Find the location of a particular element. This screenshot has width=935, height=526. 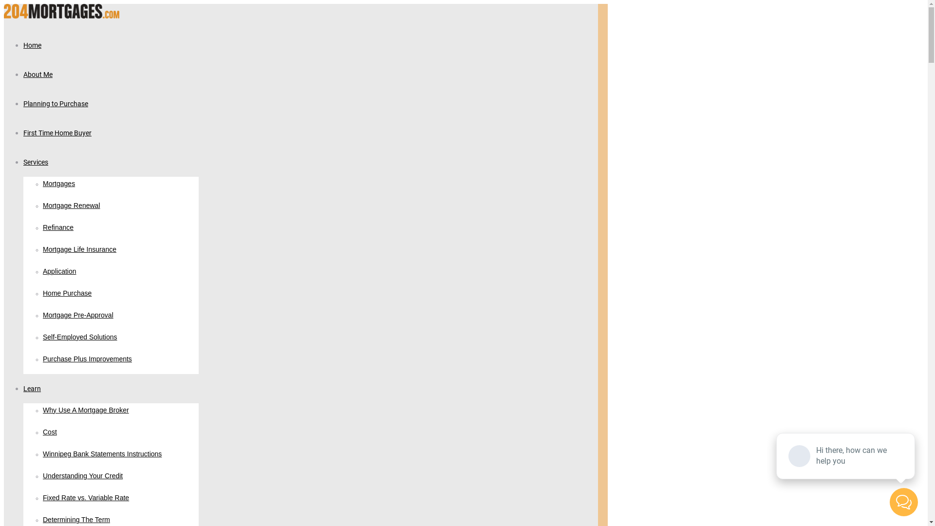

'Learn' is located at coordinates (32, 388).